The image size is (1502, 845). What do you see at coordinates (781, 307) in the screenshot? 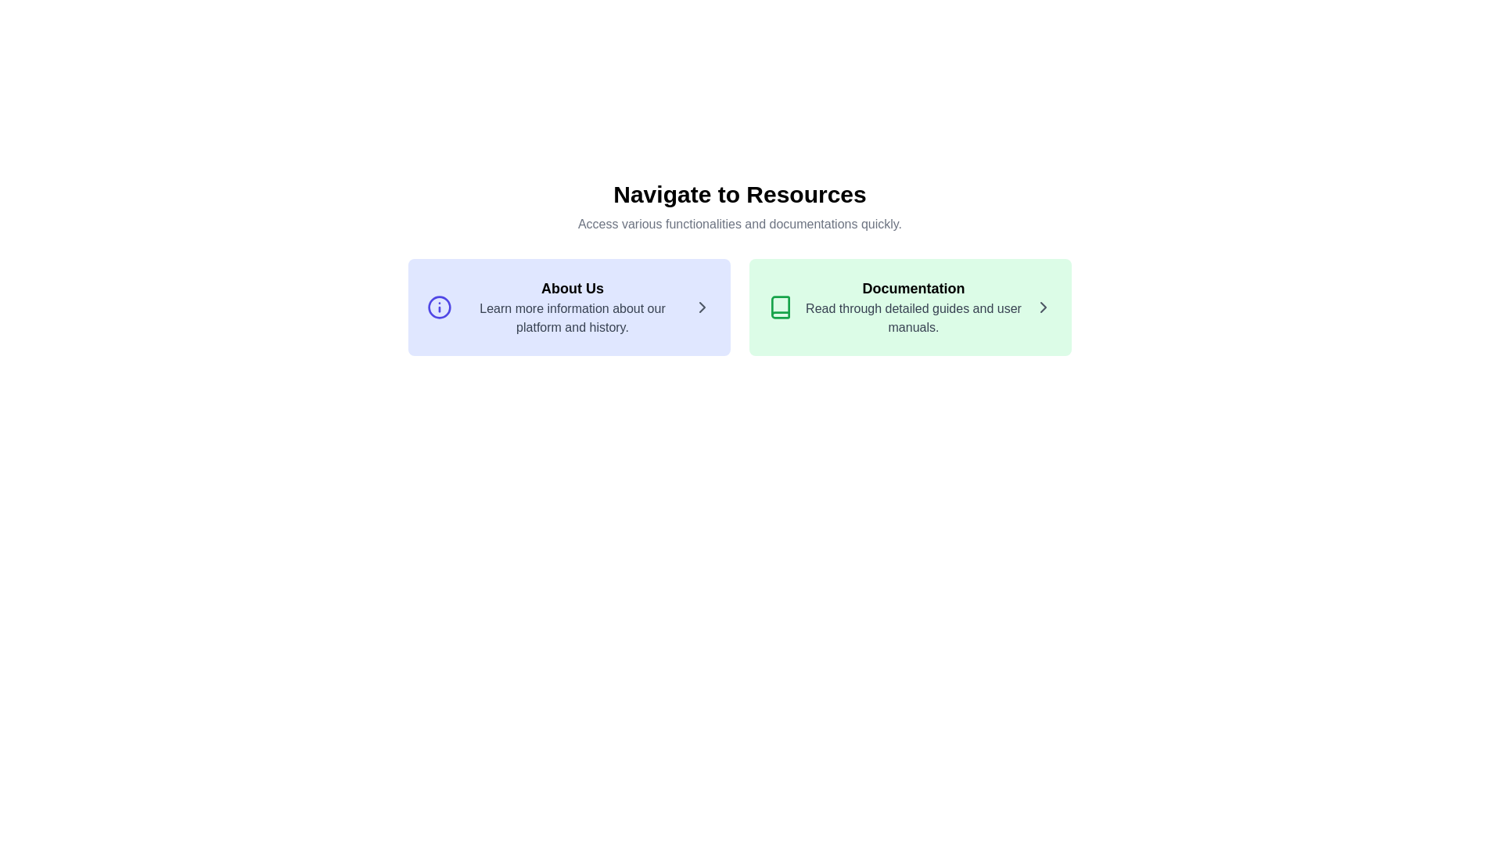
I see `the green-bordered book icon in the 'Documentation' section, which indicates a user manual resource` at bounding box center [781, 307].